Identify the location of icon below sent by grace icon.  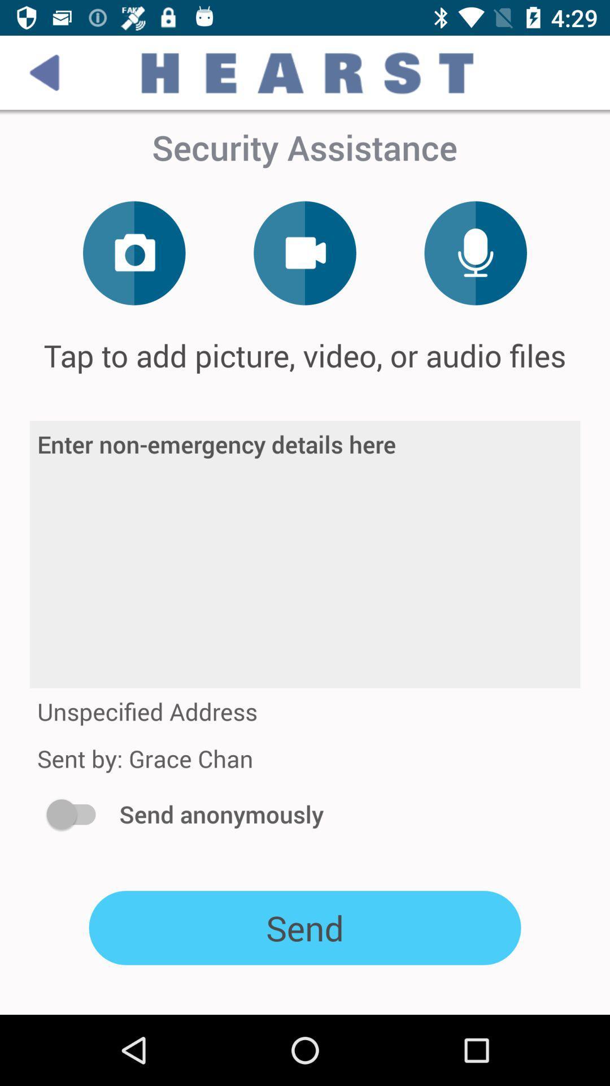
(76, 813).